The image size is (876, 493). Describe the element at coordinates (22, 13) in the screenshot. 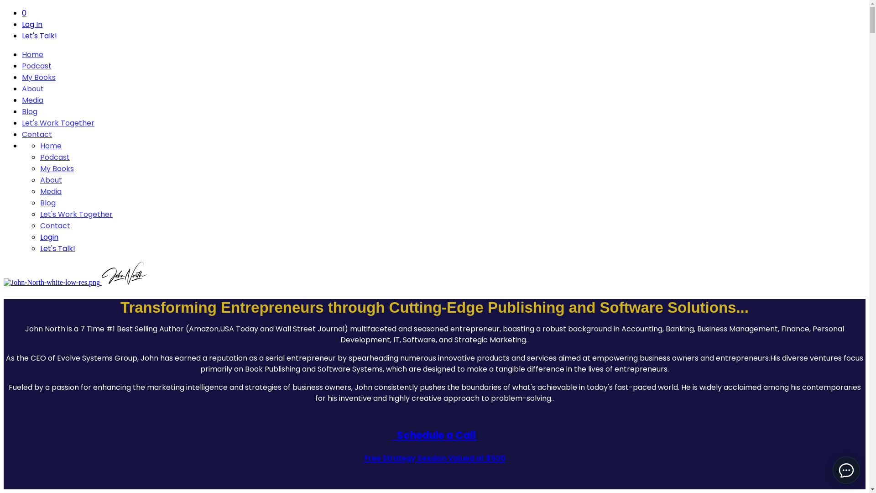

I see `'0'` at that location.